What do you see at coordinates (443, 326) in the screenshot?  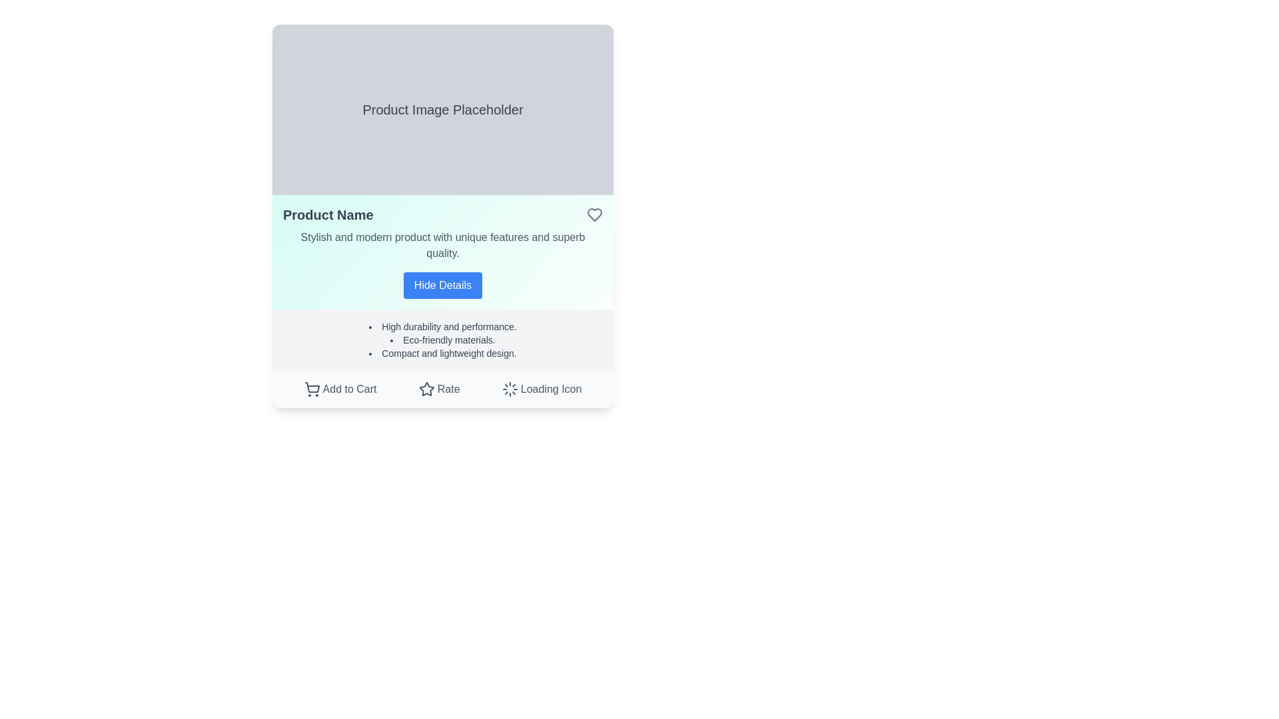 I see `the first bullet point in the product information panel that describes durability and performance, located below the 'Hide Details' button` at bounding box center [443, 326].